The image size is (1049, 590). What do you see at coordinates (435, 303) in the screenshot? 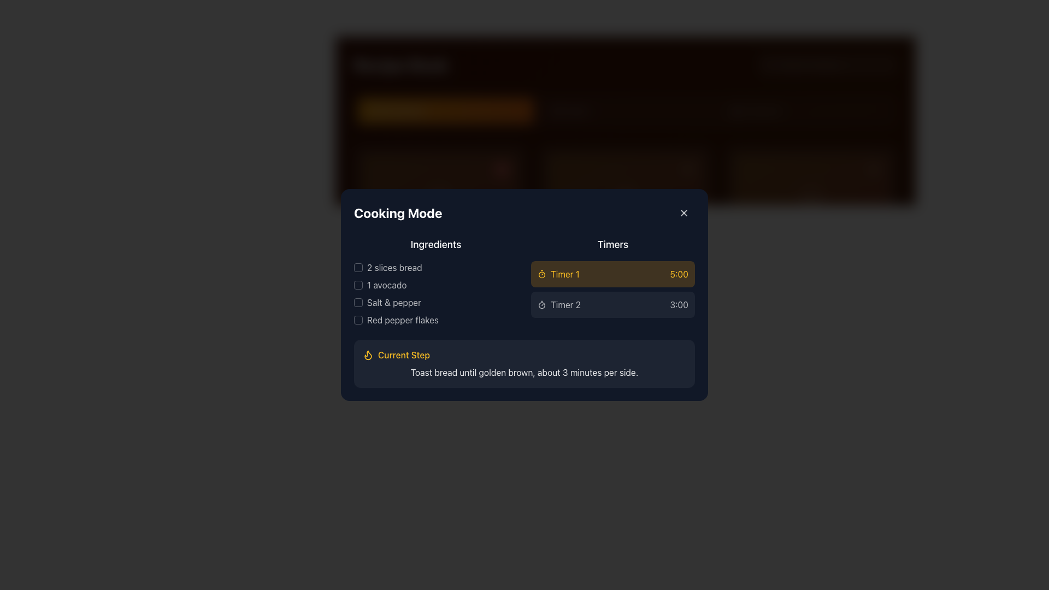
I see `the empty checkbox labeled 'Salt & pepper'` at bounding box center [435, 303].